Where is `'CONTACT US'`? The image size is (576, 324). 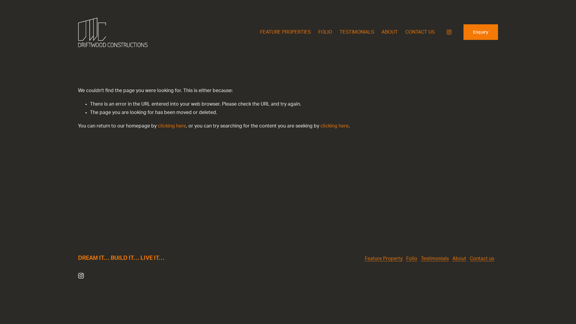
'CONTACT US' is located at coordinates (420, 32).